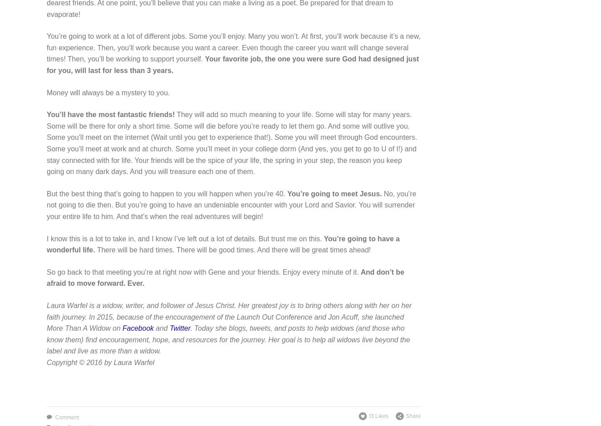 The image size is (601, 426). What do you see at coordinates (231, 204) in the screenshot?
I see `'No, you’re not going to die then. But you’re going to have an undeniable encounter with your Lord and Savior. You will surrender your entire life to him. And that’s when the real adventures will begin!'` at bounding box center [231, 204].